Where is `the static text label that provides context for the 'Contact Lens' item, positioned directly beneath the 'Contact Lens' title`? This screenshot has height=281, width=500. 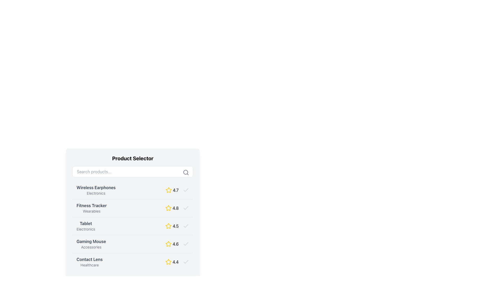
the static text label that provides context for the 'Contact Lens' item, positioned directly beneath the 'Contact Lens' title is located at coordinates (90, 265).